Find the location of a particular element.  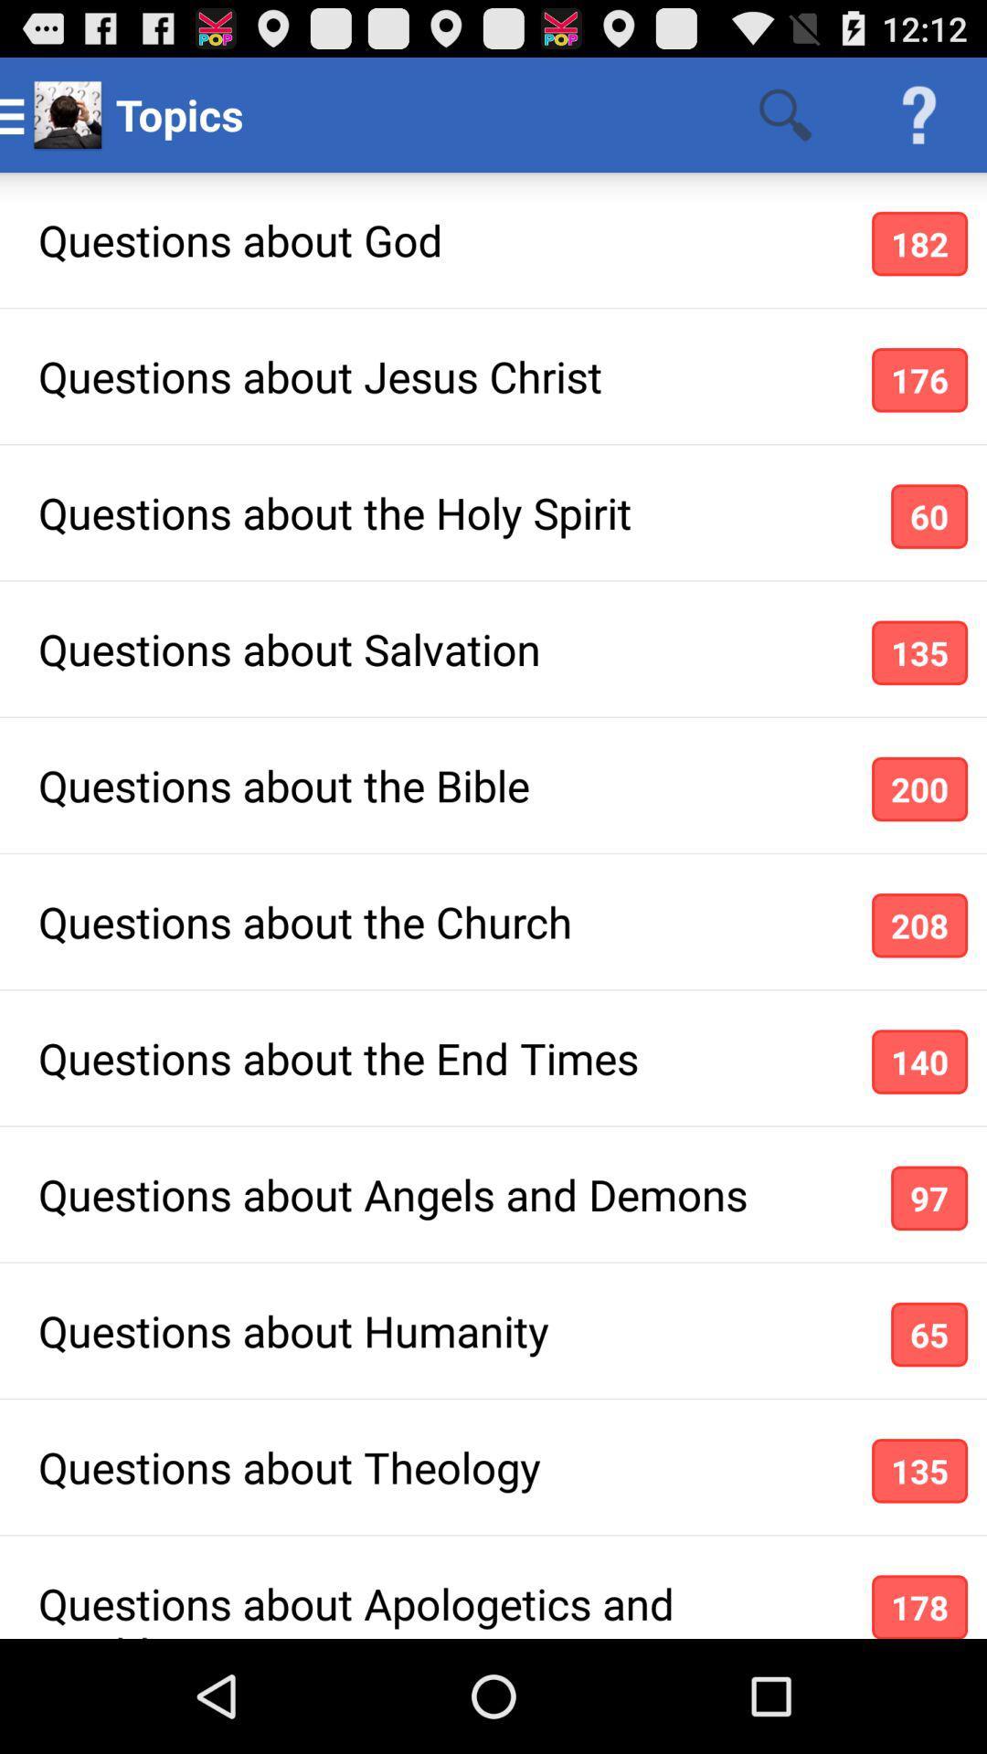

app next to questions about the icon is located at coordinates (929, 515).